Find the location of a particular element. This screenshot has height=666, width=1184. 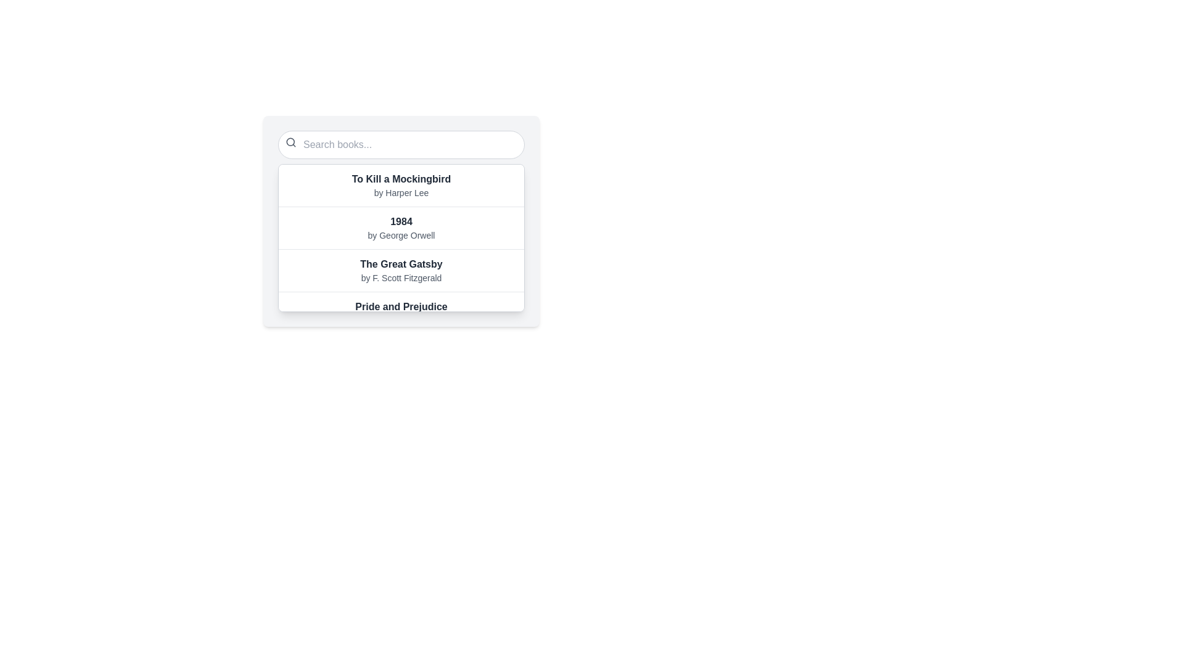

the text label displaying 'by Harper Lee', which is located below the title 'To Kill a Mockingbird' is located at coordinates (401, 192).